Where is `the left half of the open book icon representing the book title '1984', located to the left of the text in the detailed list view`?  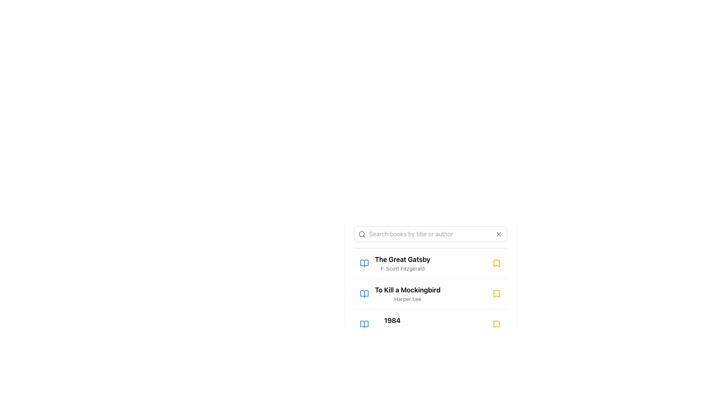 the left half of the open book icon representing the book title '1984', located to the left of the text in the detailed list view is located at coordinates (364, 324).